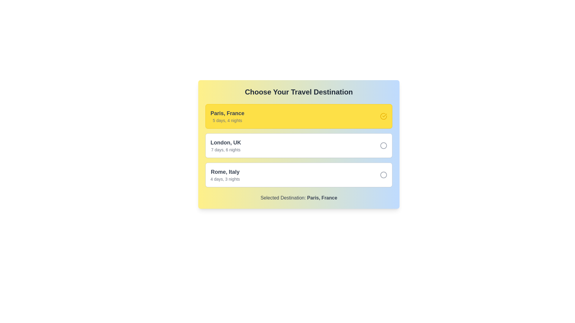 The width and height of the screenshot is (575, 323). What do you see at coordinates (225, 150) in the screenshot?
I see `the additional information text element located directly below the 'London, UK' title in the travel destination options` at bounding box center [225, 150].